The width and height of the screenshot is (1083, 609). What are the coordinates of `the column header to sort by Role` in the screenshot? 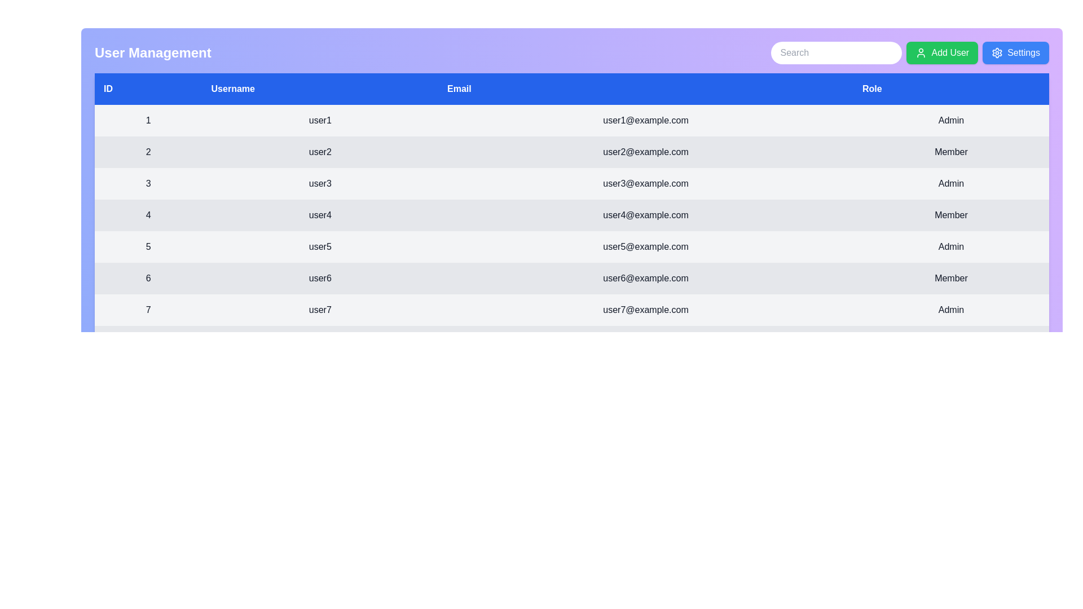 It's located at (950, 89).